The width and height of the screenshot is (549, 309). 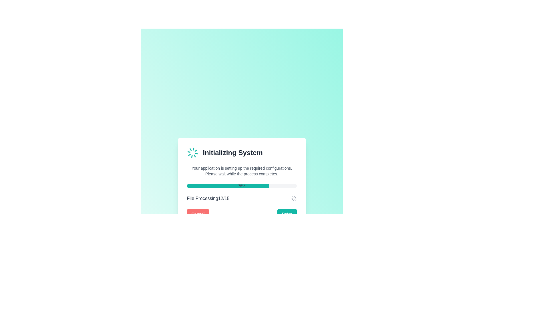 What do you see at coordinates (242, 186) in the screenshot?
I see `the teal-colored progress bar that displays '75%'` at bounding box center [242, 186].